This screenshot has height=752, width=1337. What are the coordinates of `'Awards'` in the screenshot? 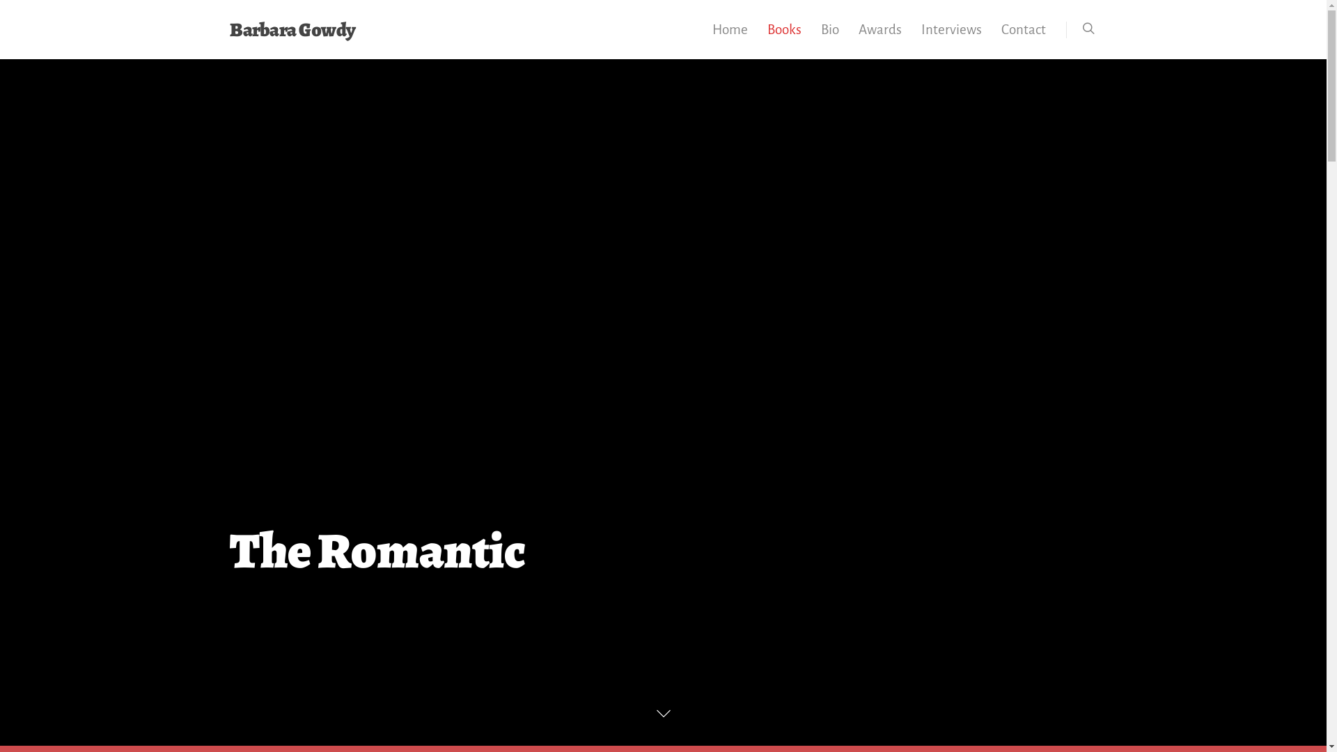 It's located at (879, 38).